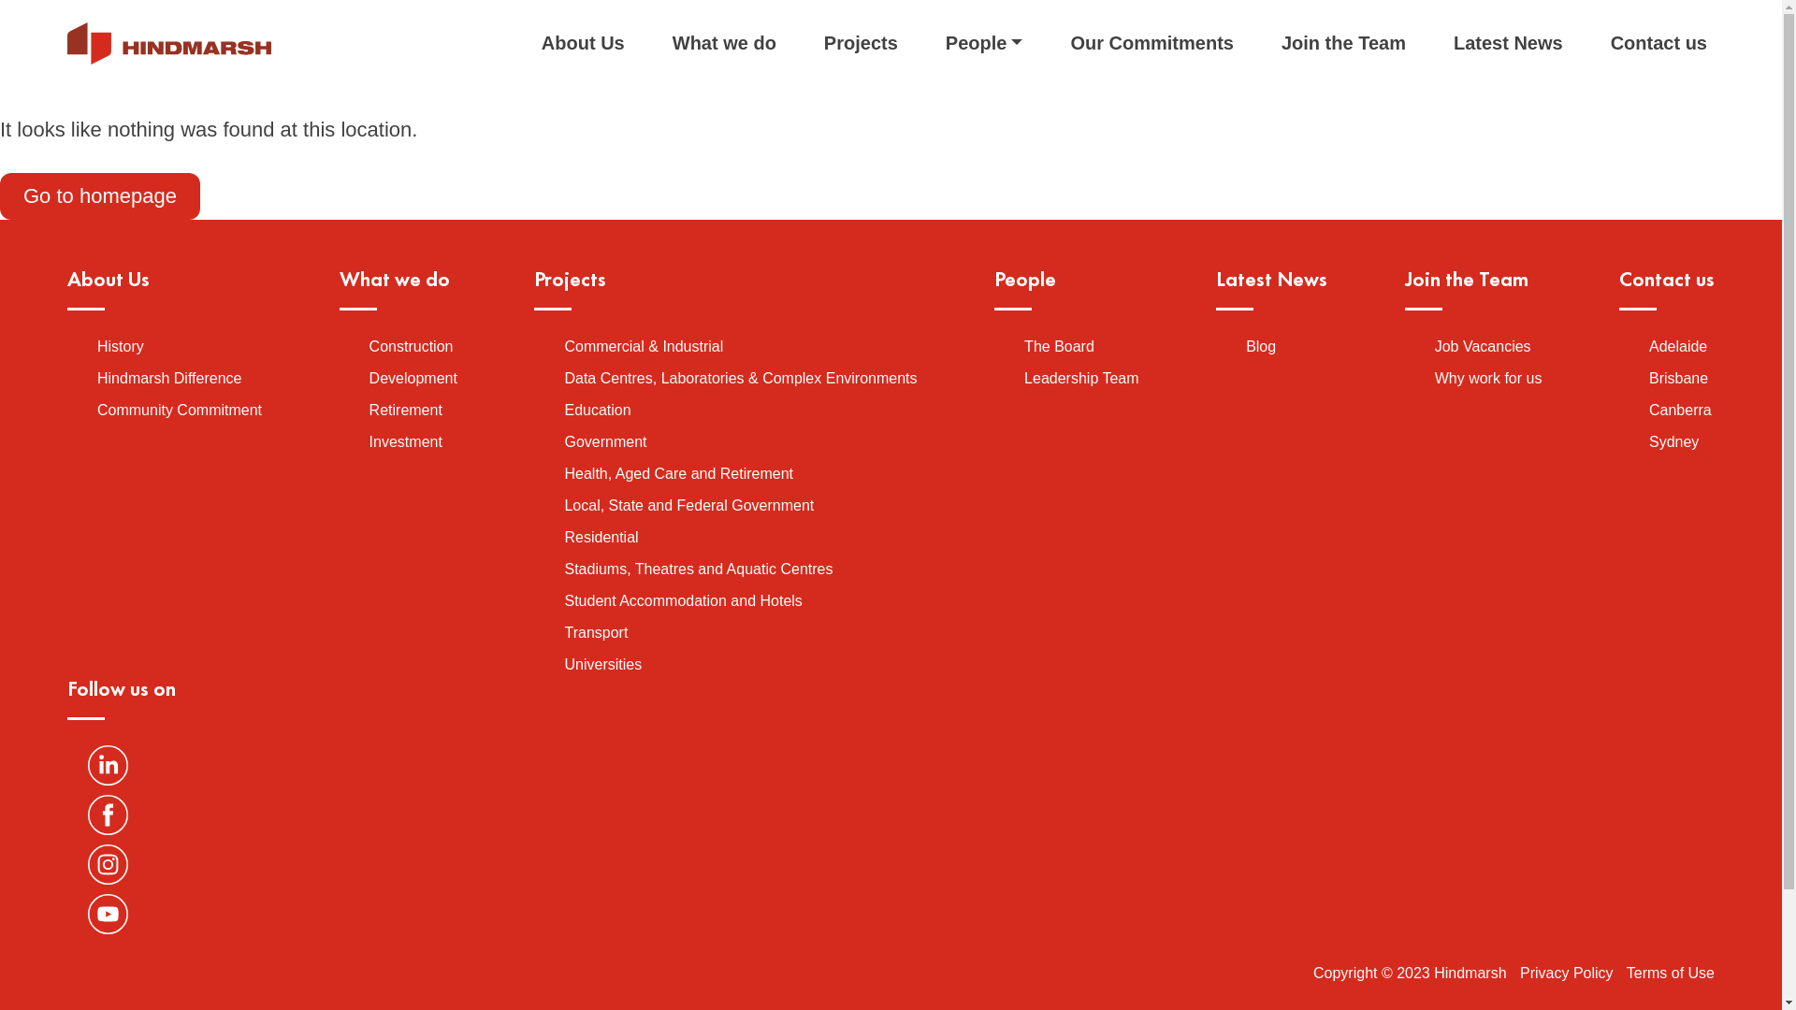  What do you see at coordinates (369, 346) in the screenshot?
I see `'Construction'` at bounding box center [369, 346].